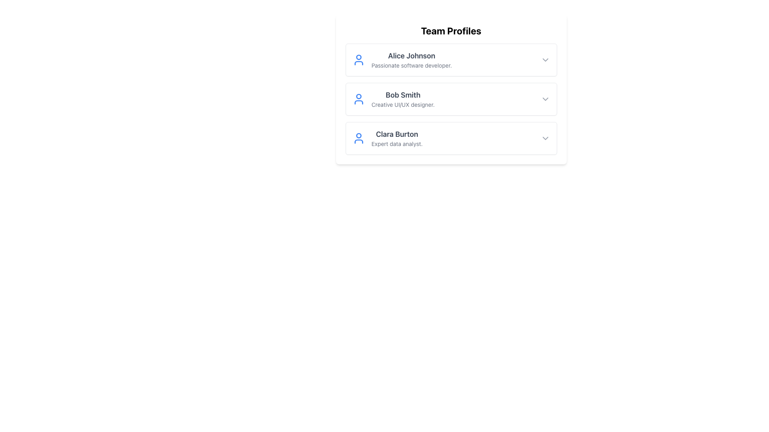  What do you see at coordinates (358, 141) in the screenshot?
I see `the lower part of the blue user icon for Clara Burton in the Team Profiles section` at bounding box center [358, 141].